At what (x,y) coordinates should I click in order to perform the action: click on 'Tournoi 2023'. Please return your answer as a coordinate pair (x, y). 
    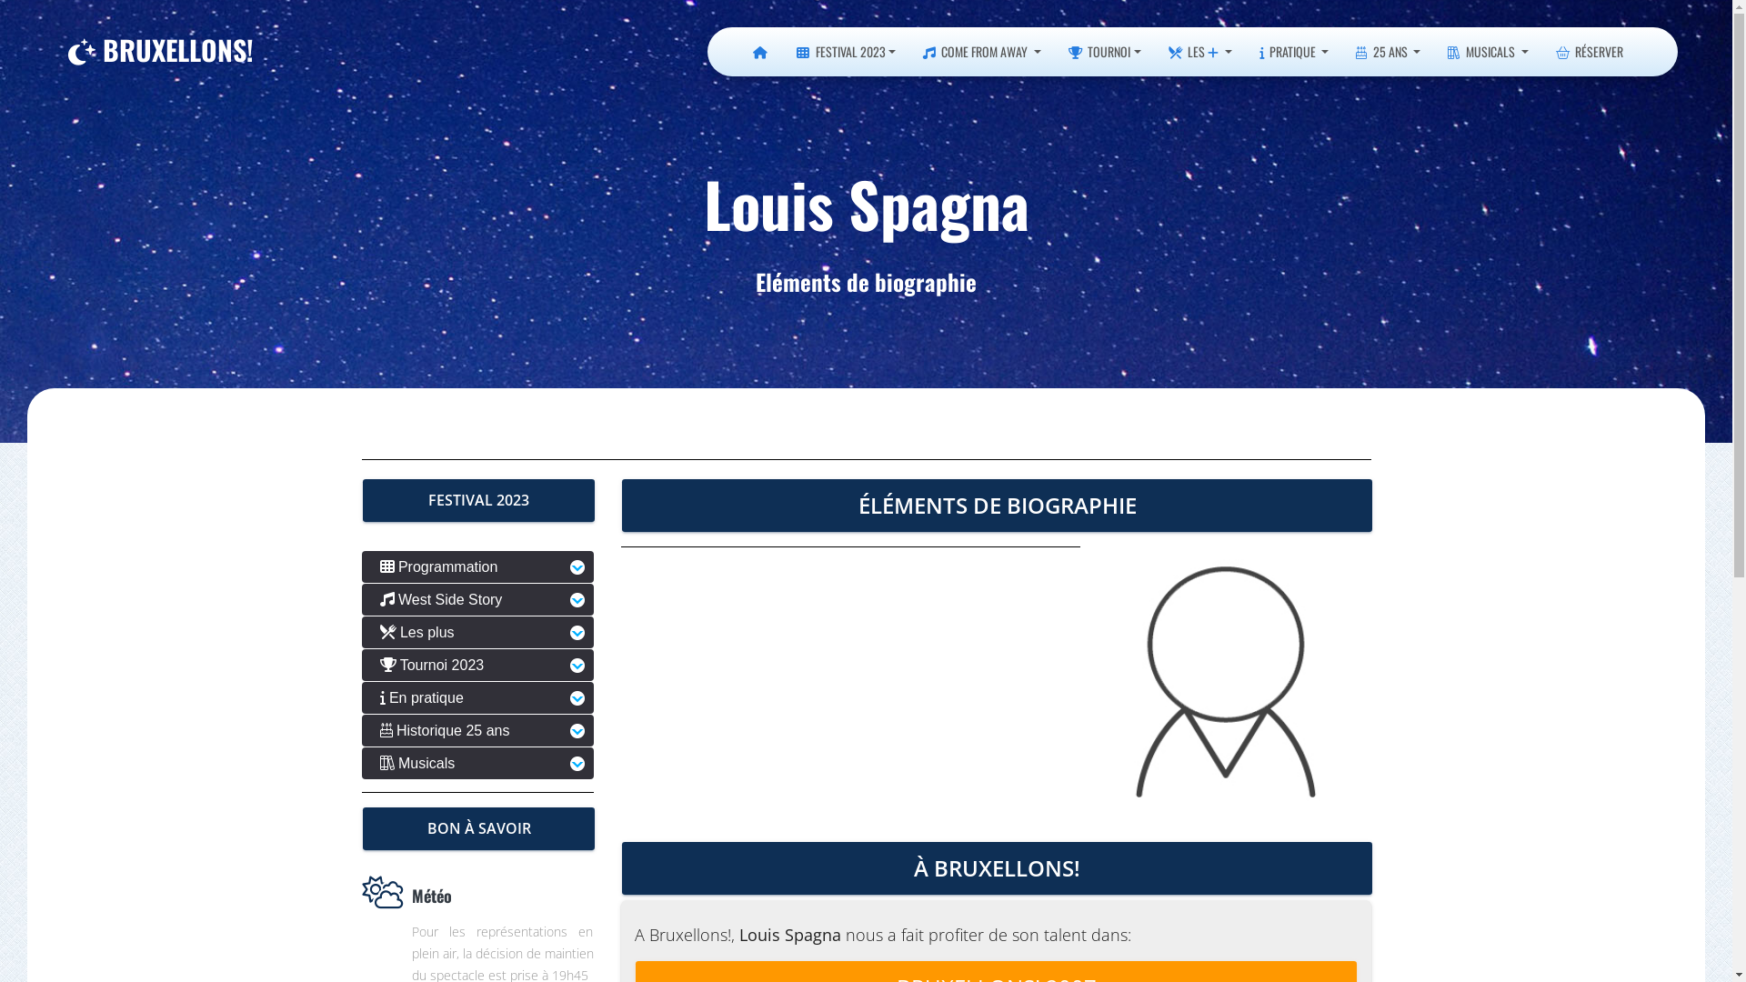
    Looking at the image, I should click on (477, 665).